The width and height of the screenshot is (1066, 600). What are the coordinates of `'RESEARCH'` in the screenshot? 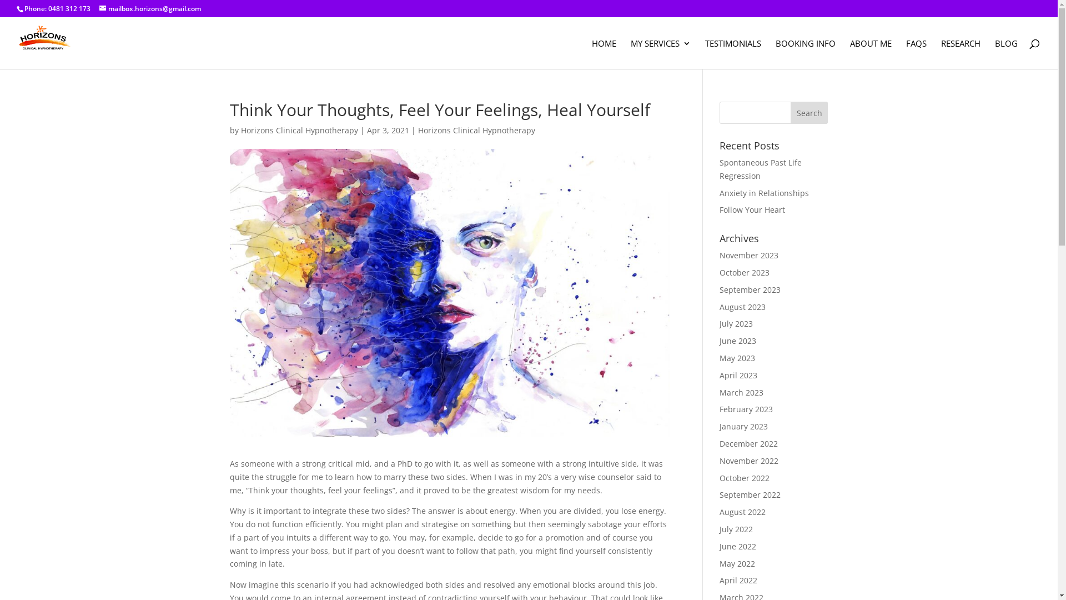 It's located at (960, 54).